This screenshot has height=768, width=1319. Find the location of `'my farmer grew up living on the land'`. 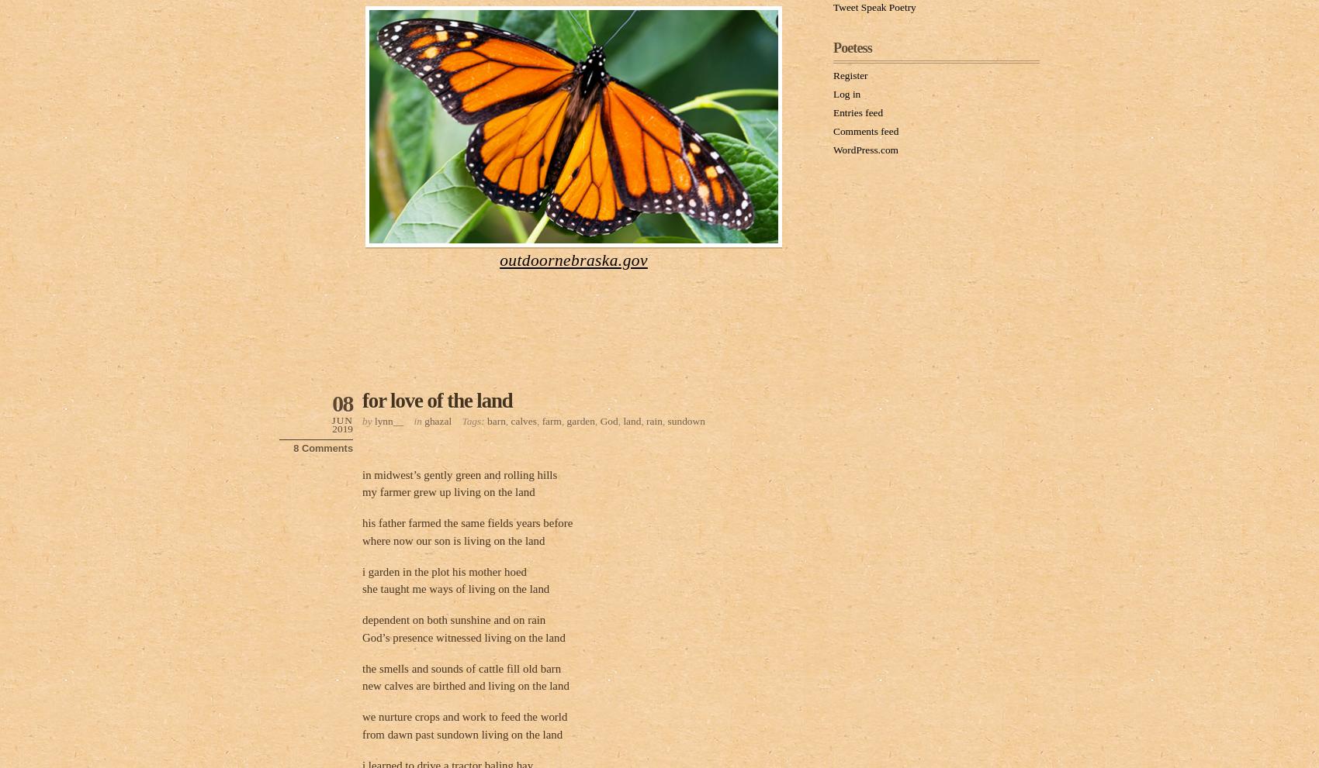

'my farmer grew up living on the land' is located at coordinates (448, 491).